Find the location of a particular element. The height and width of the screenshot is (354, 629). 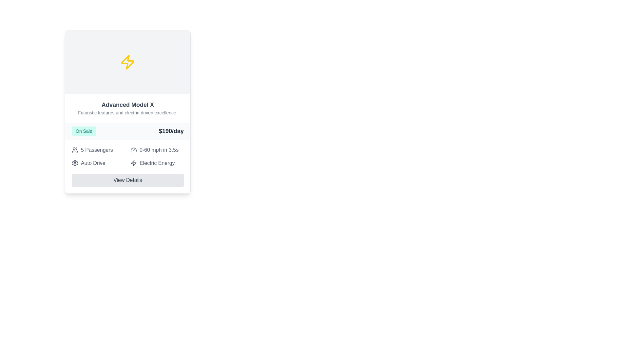

the text display element located directly below the title 'Advanced Model X', which provides supplementary context about the product is located at coordinates (127, 112).